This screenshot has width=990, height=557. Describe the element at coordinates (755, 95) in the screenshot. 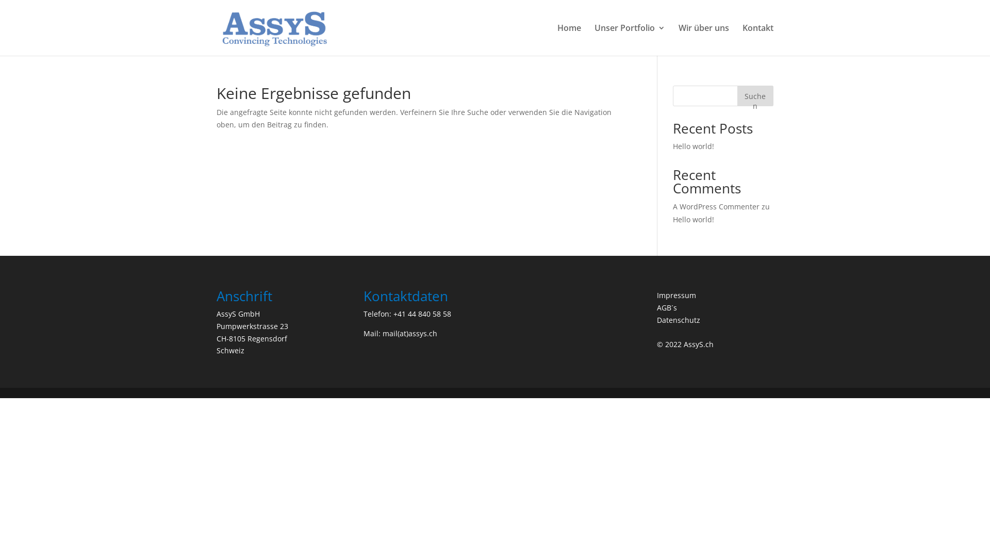

I see `'Suchen'` at that location.